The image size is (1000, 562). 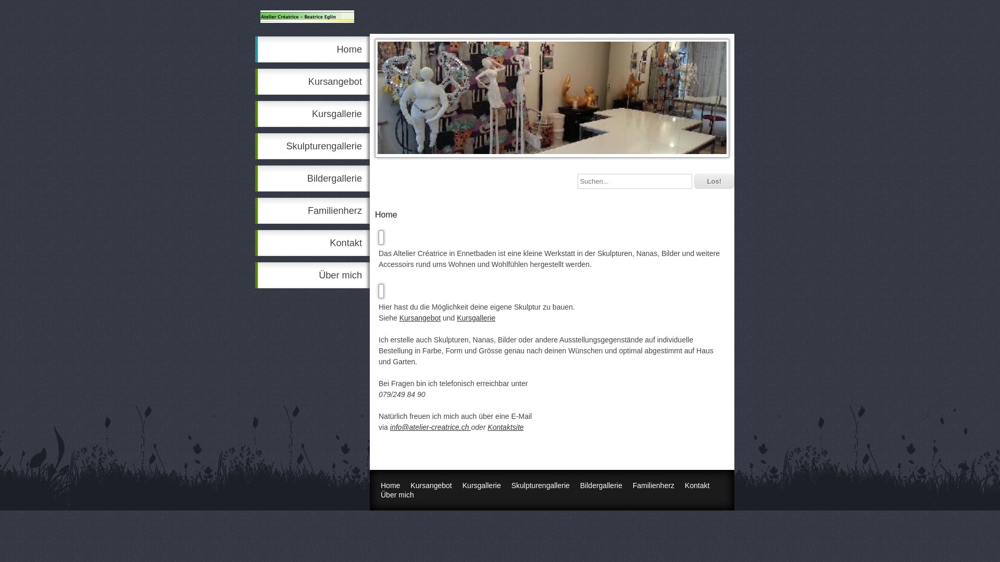 I want to click on 'Skulpturengallerie', so click(x=255, y=146).